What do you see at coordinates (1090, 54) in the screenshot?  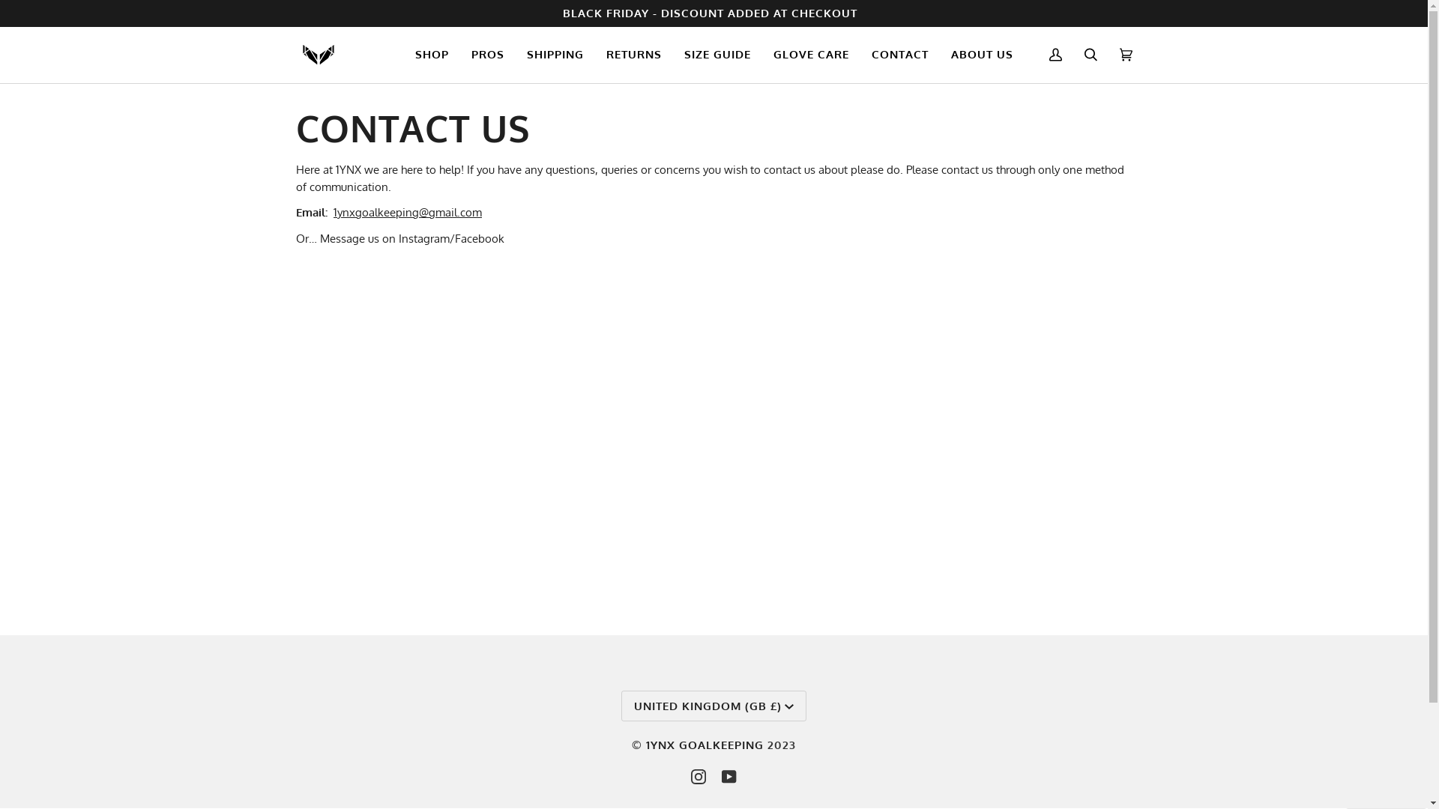 I see `'Search'` at bounding box center [1090, 54].